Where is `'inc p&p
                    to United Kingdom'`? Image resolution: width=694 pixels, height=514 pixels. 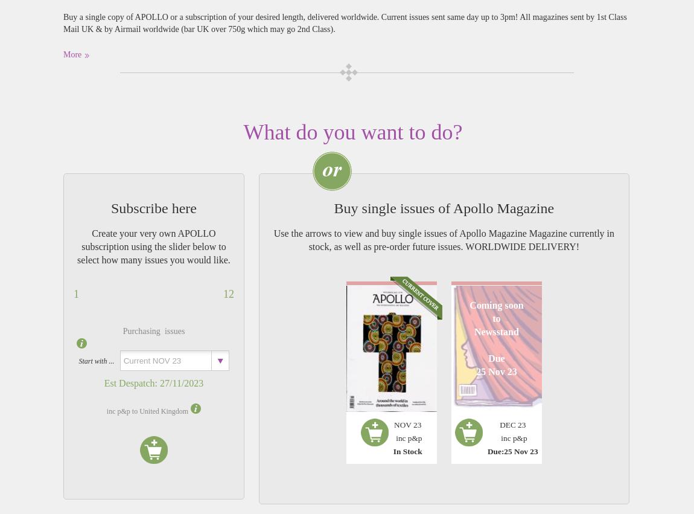 'inc p&p
                    to United Kingdom' is located at coordinates (105, 411).